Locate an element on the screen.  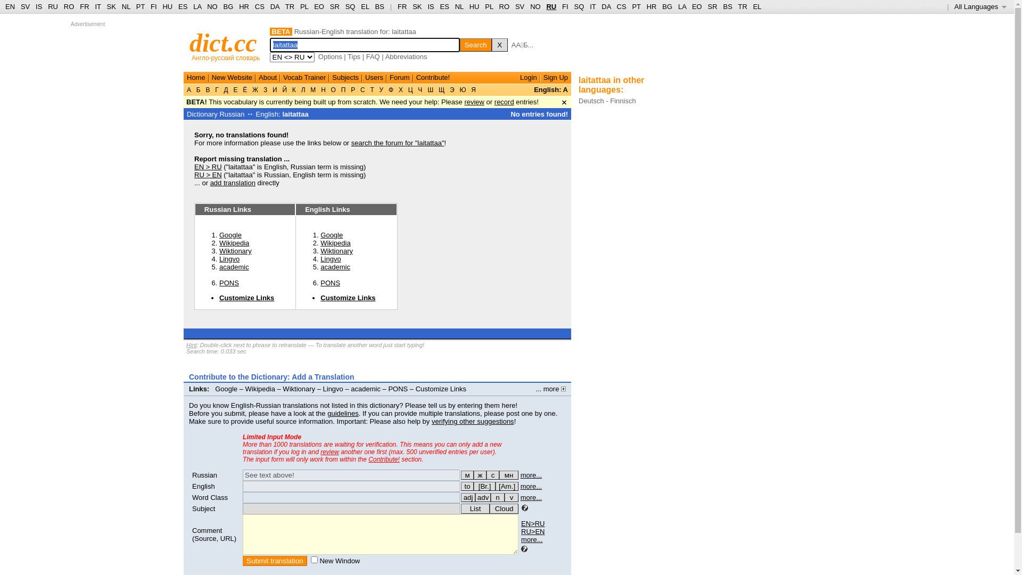
'Search' is located at coordinates (475, 44).